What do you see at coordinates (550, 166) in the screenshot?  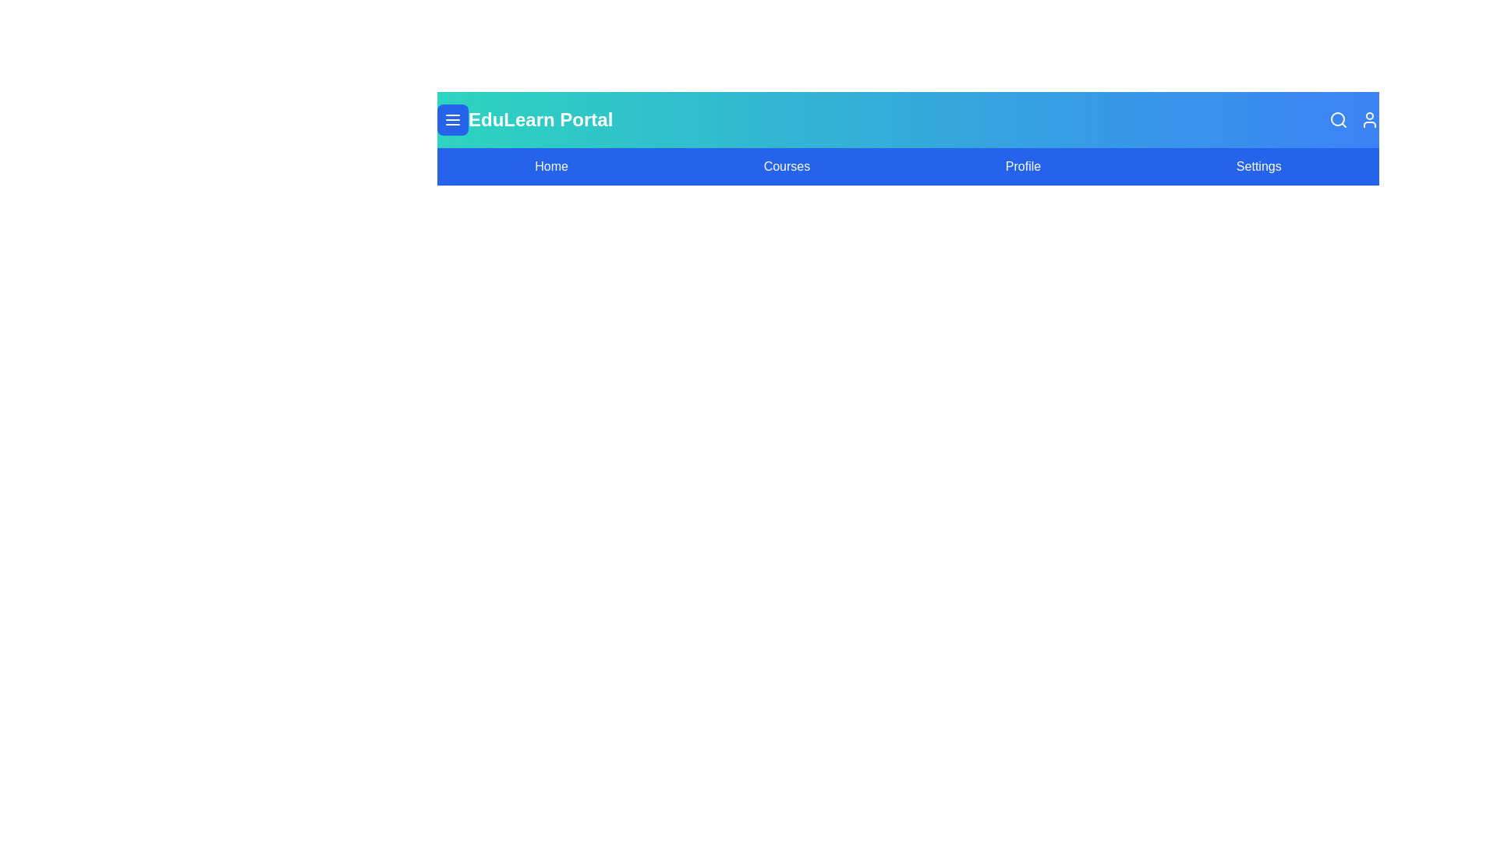 I see `the menu item Home` at bounding box center [550, 166].